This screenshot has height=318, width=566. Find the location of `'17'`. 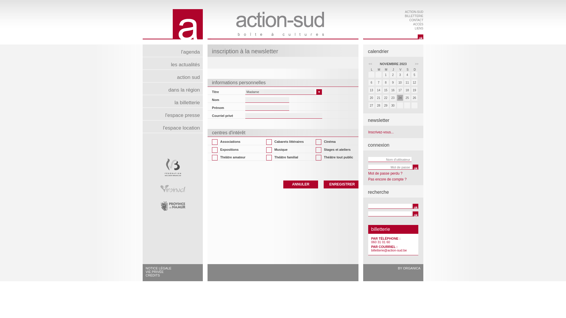

'17' is located at coordinates (397, 90).